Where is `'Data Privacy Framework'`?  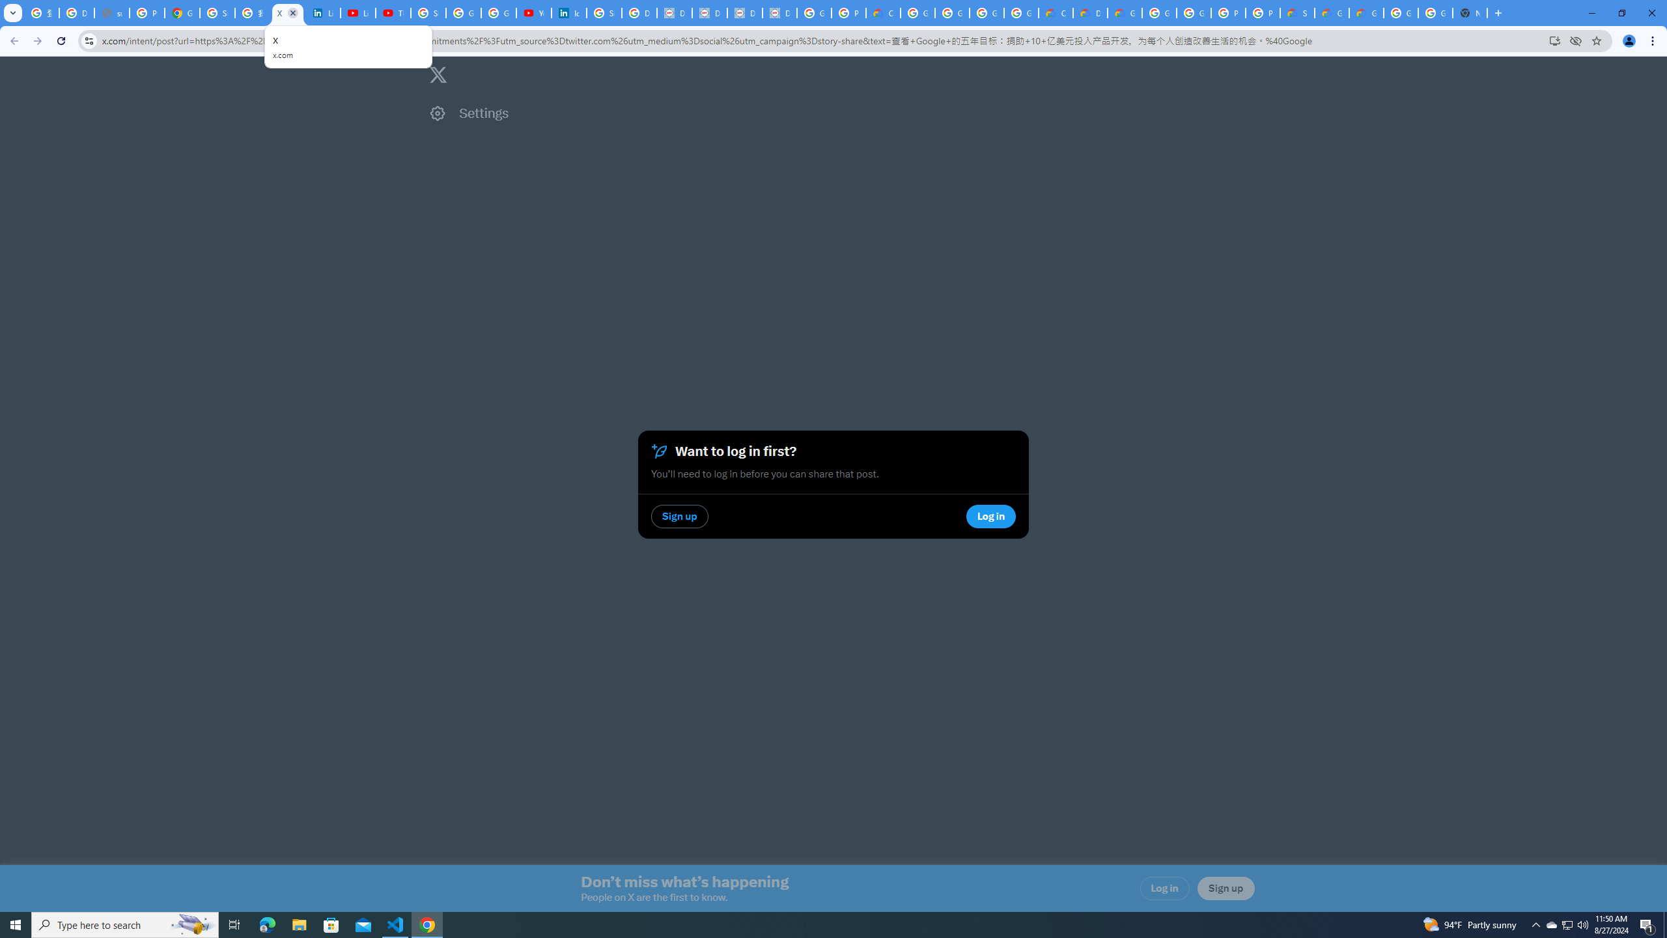
'Data Privacy Framework' is located at coordinates (709, 12).